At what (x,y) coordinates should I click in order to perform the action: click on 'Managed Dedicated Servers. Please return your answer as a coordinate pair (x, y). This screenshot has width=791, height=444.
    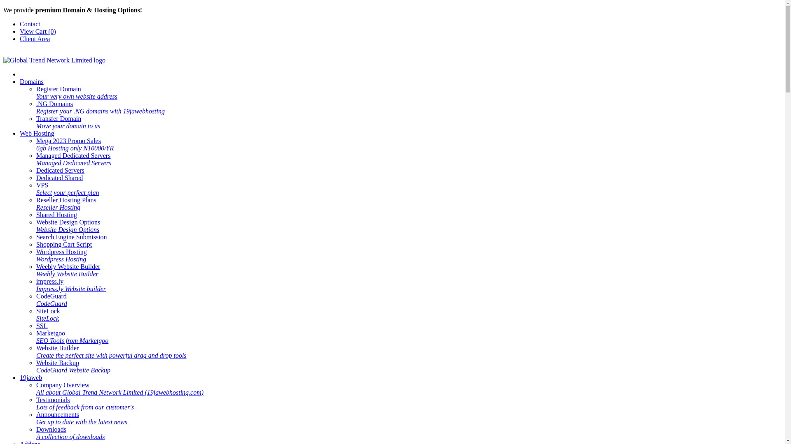
    Looking at the image, I should click on (73, 159).